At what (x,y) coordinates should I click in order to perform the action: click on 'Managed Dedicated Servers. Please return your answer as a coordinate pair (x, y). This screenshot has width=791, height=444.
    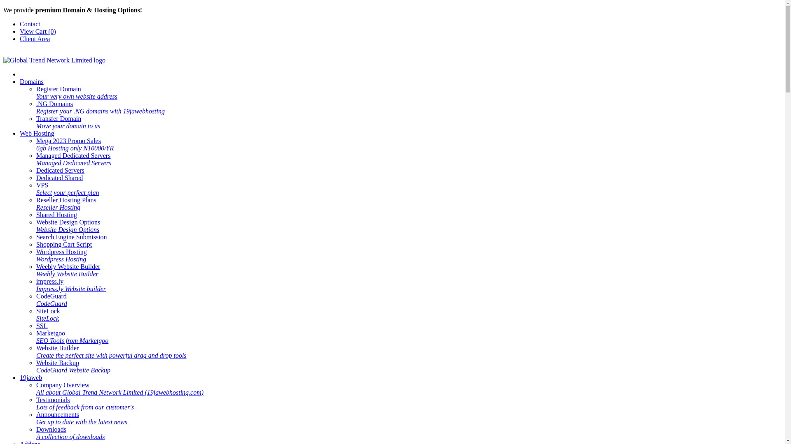
    Looking at the image, I should click on (73, 159).